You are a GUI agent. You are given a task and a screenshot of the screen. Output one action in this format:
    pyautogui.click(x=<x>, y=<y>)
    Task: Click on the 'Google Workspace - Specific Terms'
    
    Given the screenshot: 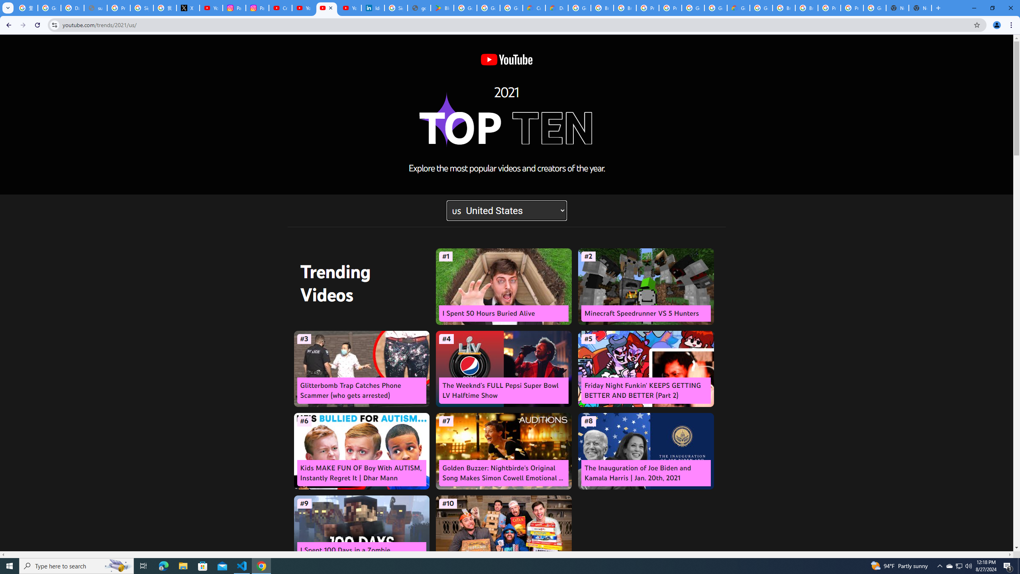 What is the action you would take?
    pyautogui.click(x=488, y=8)
    